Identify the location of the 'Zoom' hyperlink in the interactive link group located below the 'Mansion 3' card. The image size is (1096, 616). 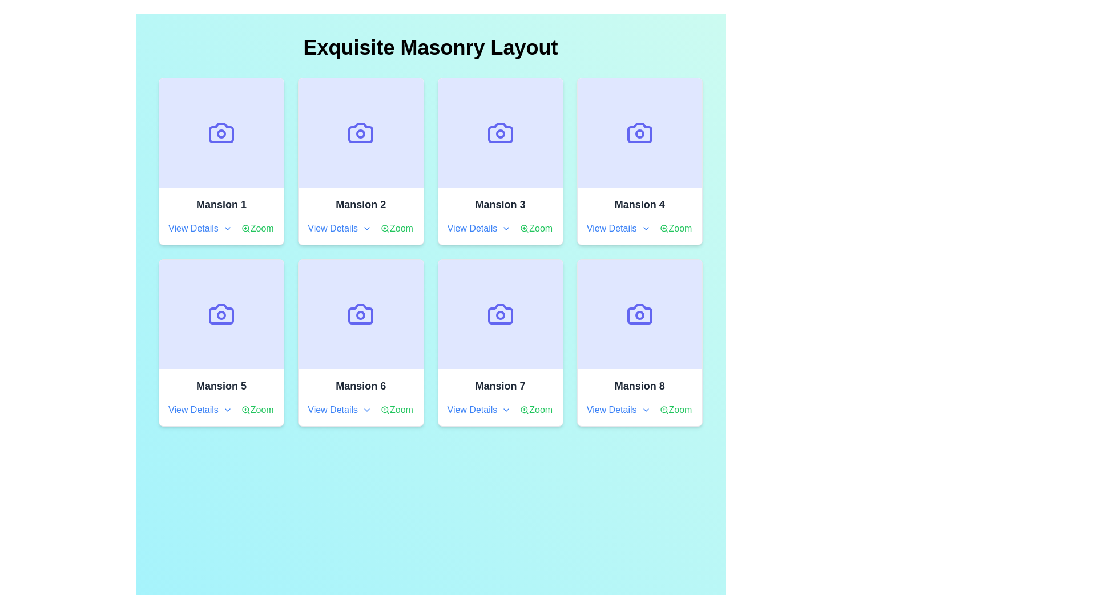
(500, 229).